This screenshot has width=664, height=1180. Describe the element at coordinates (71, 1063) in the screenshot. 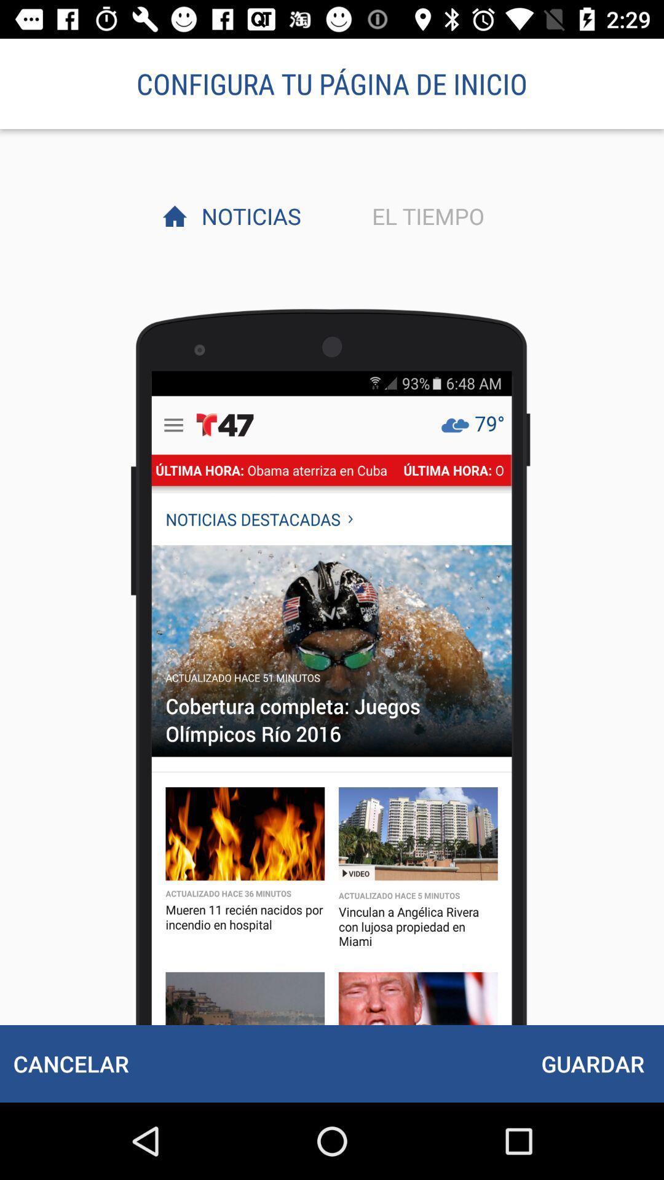

I see `the cancelar at the bottom left corner` at that location.